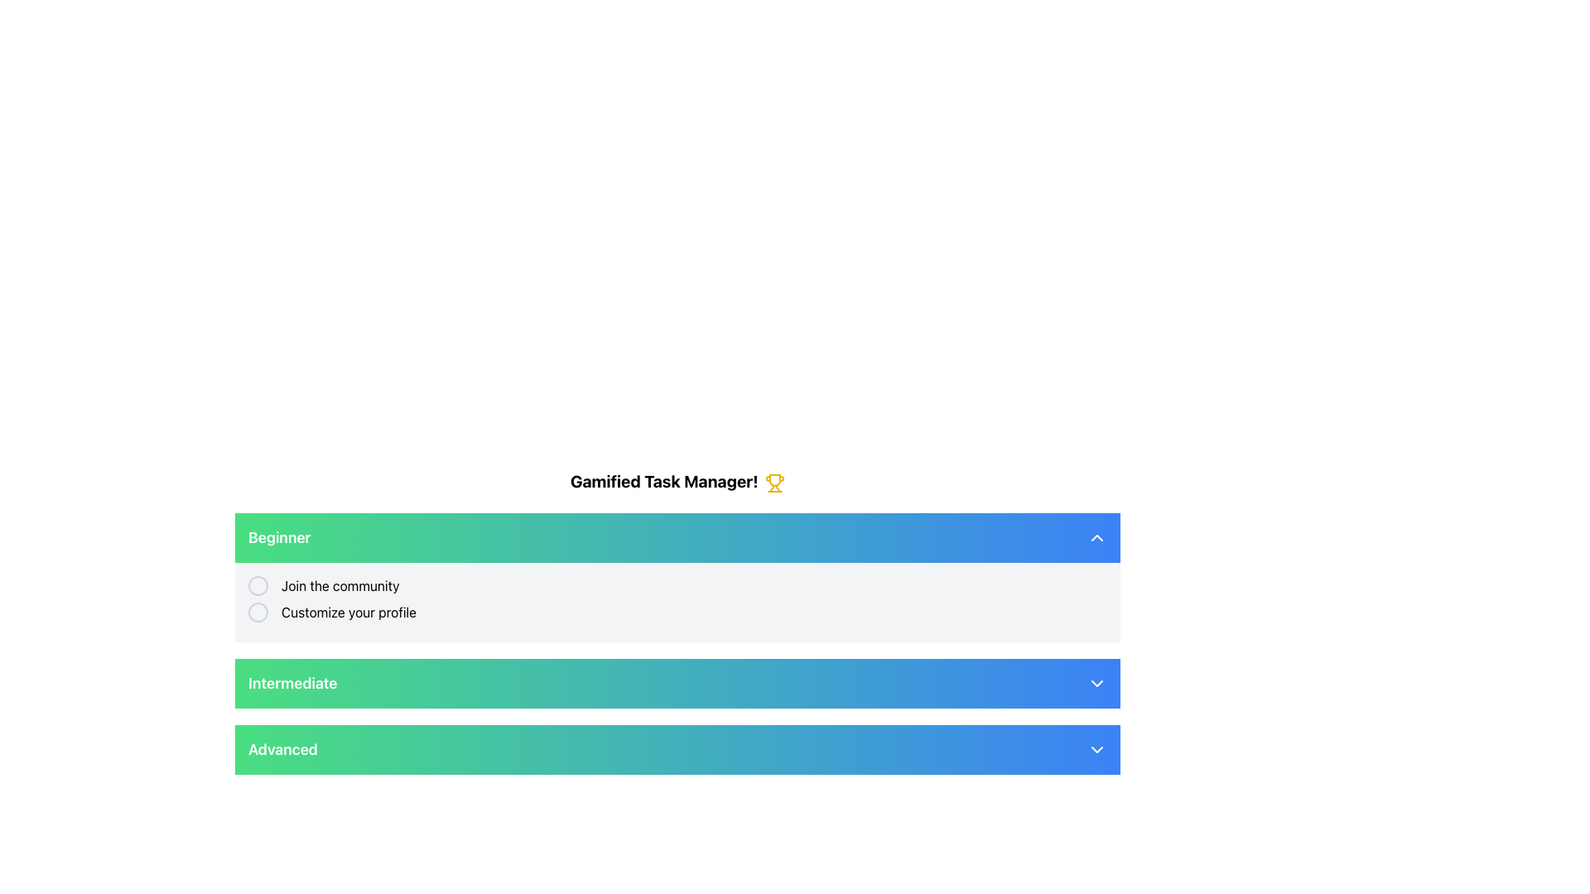  Describe the element at coordinates (677, 683) in the screenshot. I see `the 'Intermediate' level button located between the 'Beginner' and 'Advanced' buttons in the task management application` at that location.